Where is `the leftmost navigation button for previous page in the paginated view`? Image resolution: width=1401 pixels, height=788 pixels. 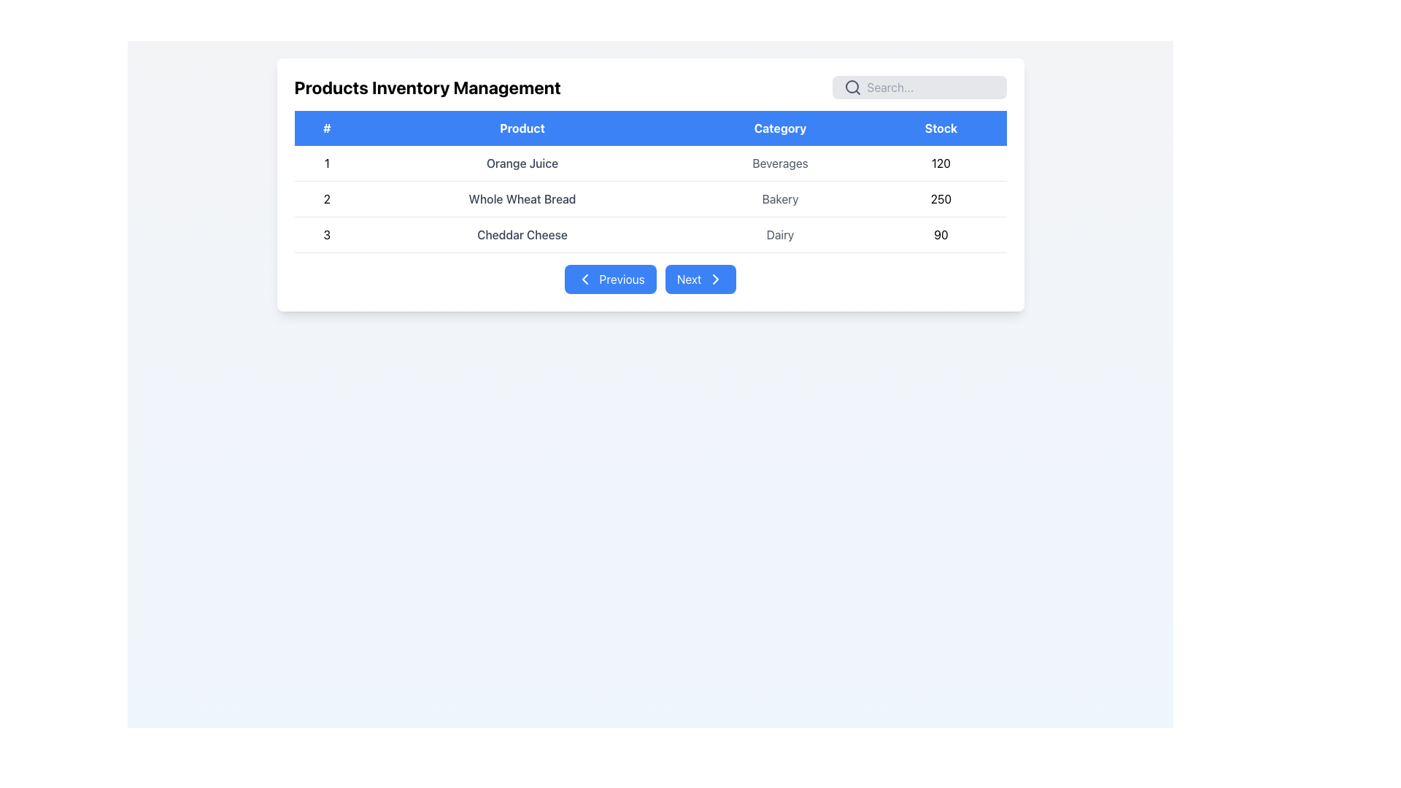 the leftmost navigation button for previous page in the paginated view is located at coordinates (610, 279).